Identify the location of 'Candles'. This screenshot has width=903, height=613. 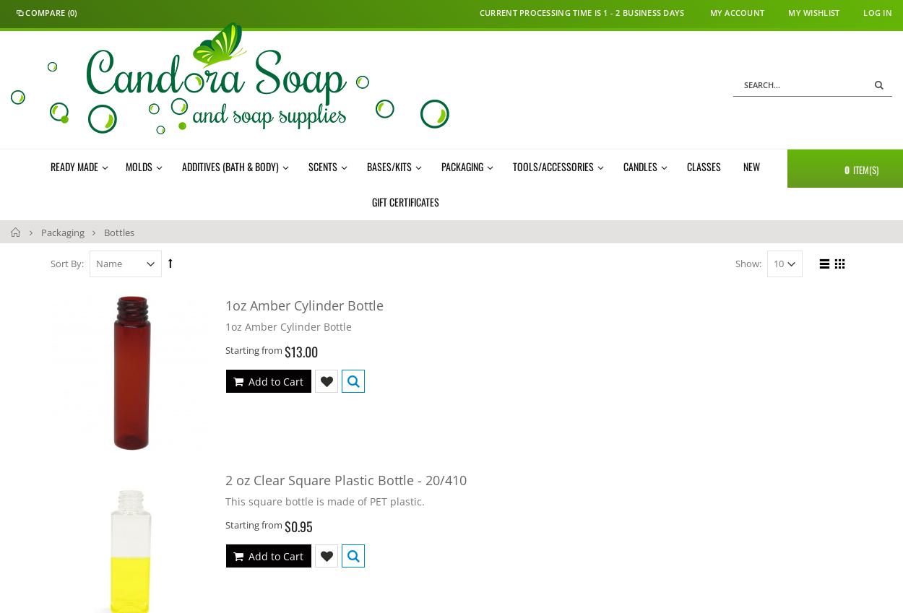
(640, 165).